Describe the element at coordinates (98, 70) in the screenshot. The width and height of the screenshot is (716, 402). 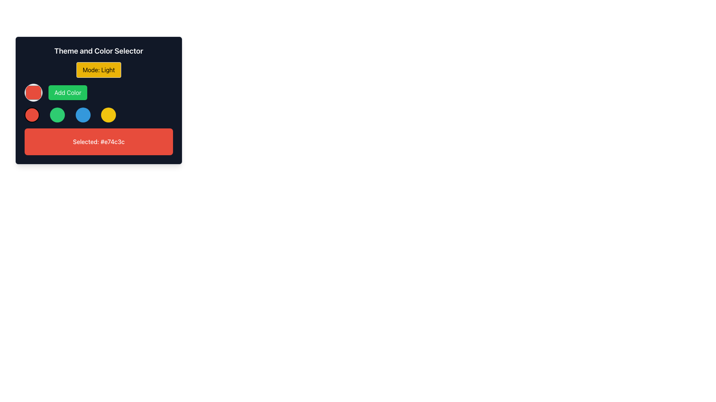
I see `the theme toggle button located below the 'Theme and Color Selector' heading` at that location.